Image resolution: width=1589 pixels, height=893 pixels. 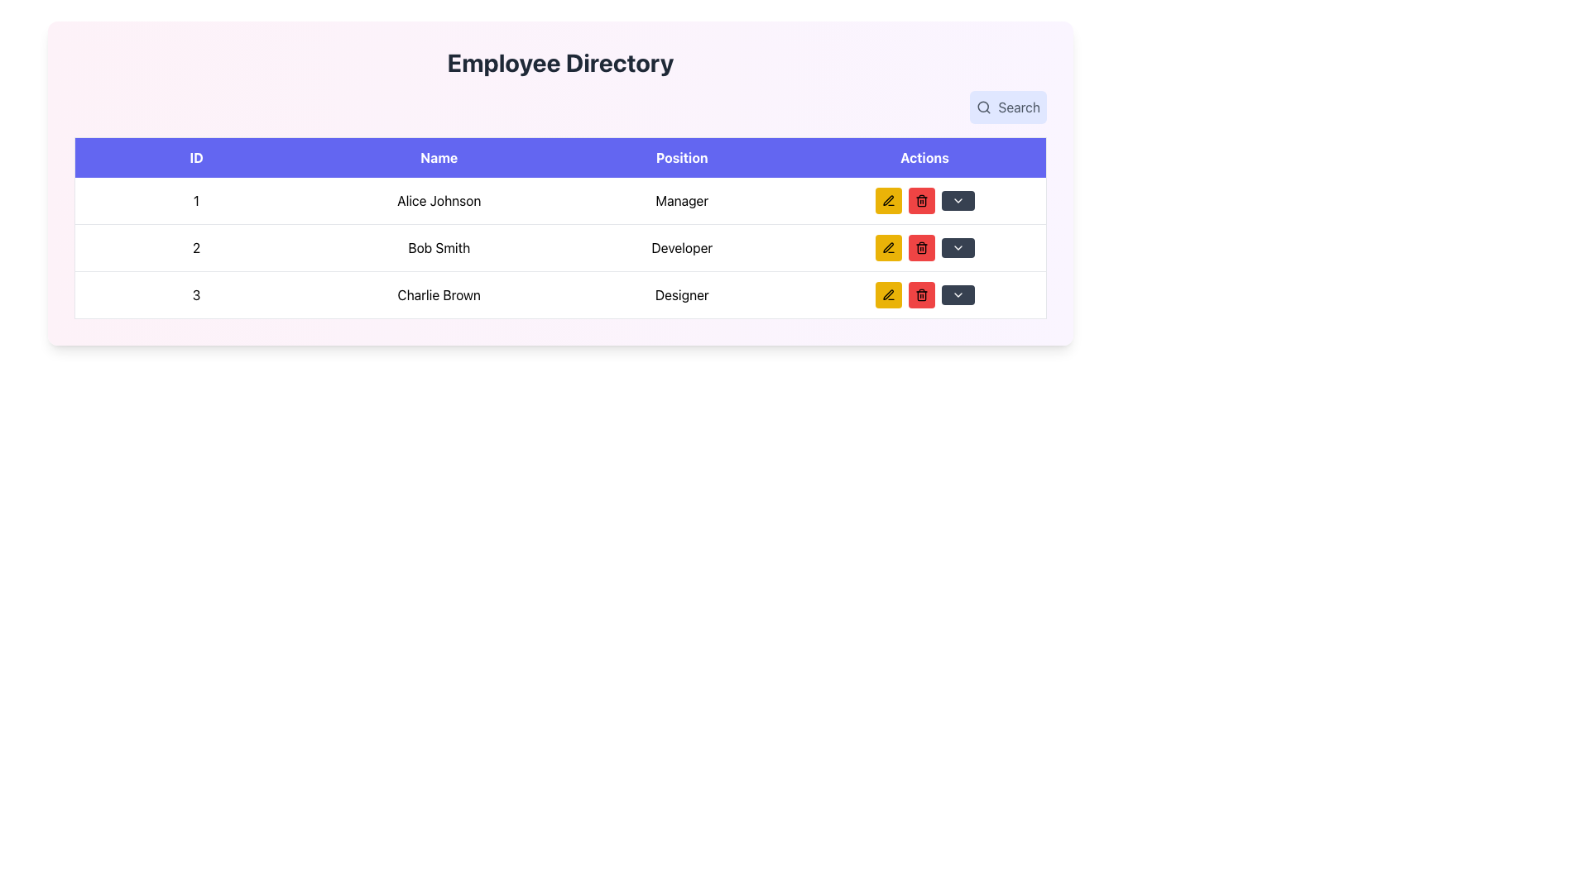 What do you see at coordinates (958, 248) in the screenshot?
I see `the chevron icon in the 'Actions' column of the second table row` at bounding box center [958, 248].